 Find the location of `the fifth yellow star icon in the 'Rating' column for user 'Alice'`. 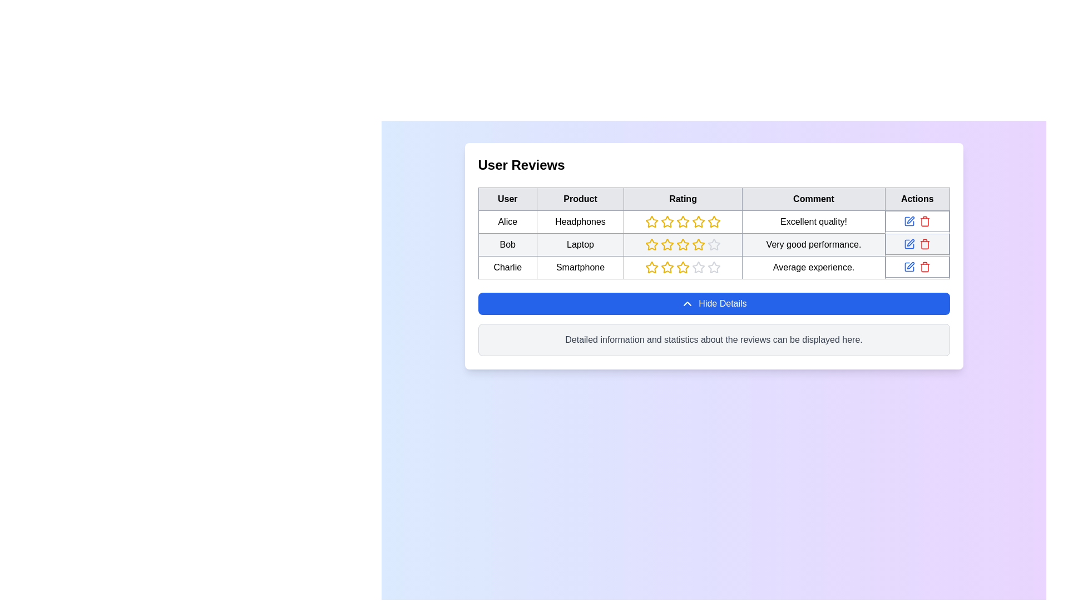

the fifth yellow star icon in the 'Rating' column for user 'Alice' is located at coordinates (714, 221).